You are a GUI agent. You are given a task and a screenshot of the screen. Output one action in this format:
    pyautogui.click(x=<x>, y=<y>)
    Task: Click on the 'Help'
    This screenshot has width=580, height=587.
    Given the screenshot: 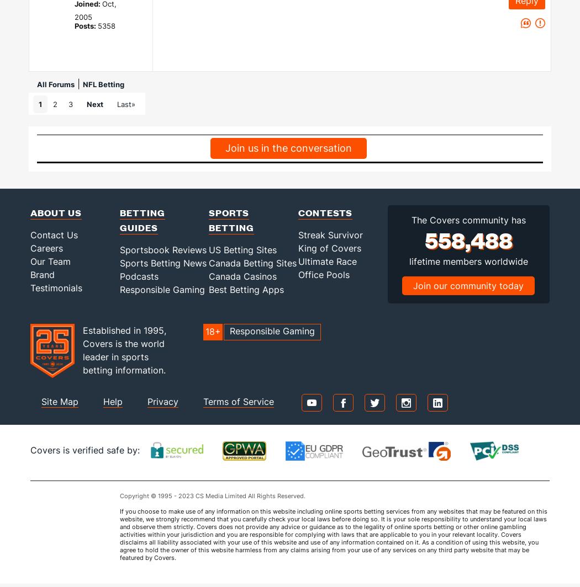 What is the action you would take?
    pyautogui.click(x=112, y=401)
    